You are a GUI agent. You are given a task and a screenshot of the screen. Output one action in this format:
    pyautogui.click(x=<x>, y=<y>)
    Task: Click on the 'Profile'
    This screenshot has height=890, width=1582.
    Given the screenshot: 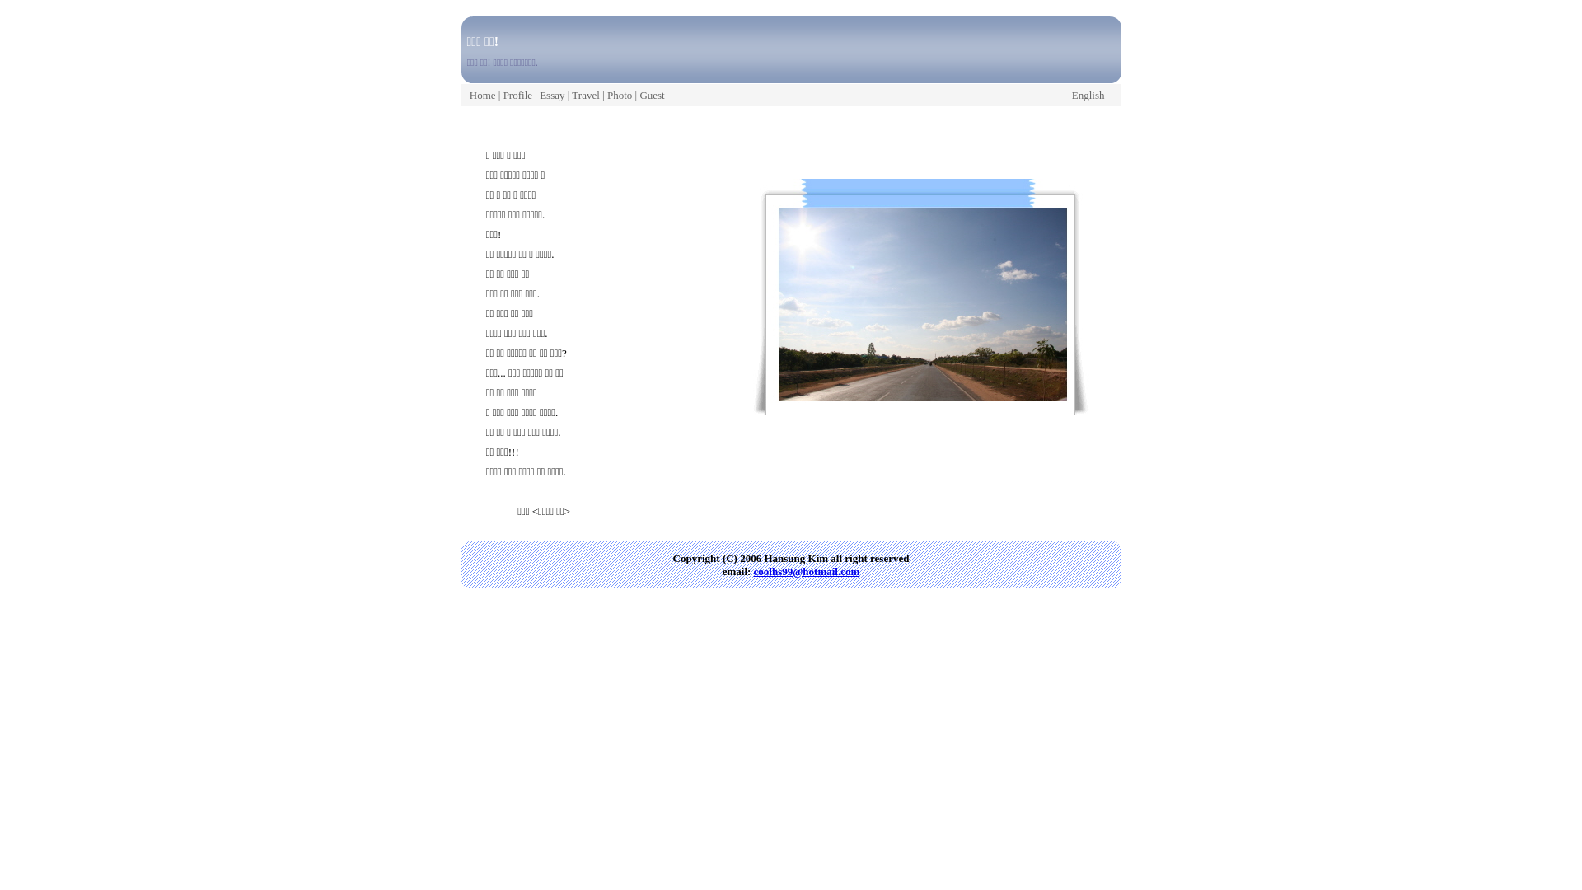 What is the action you would take?
    pyautogui.click(x=502, y=95)
    